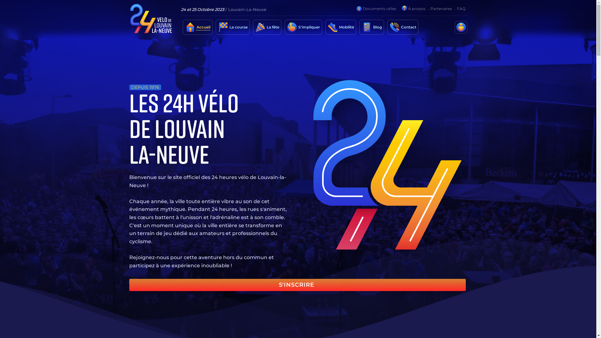  What do you see at coordinates (362, 8) in the screenshot?
I see `'Documents utiles'` at bounding box center [362, 8].